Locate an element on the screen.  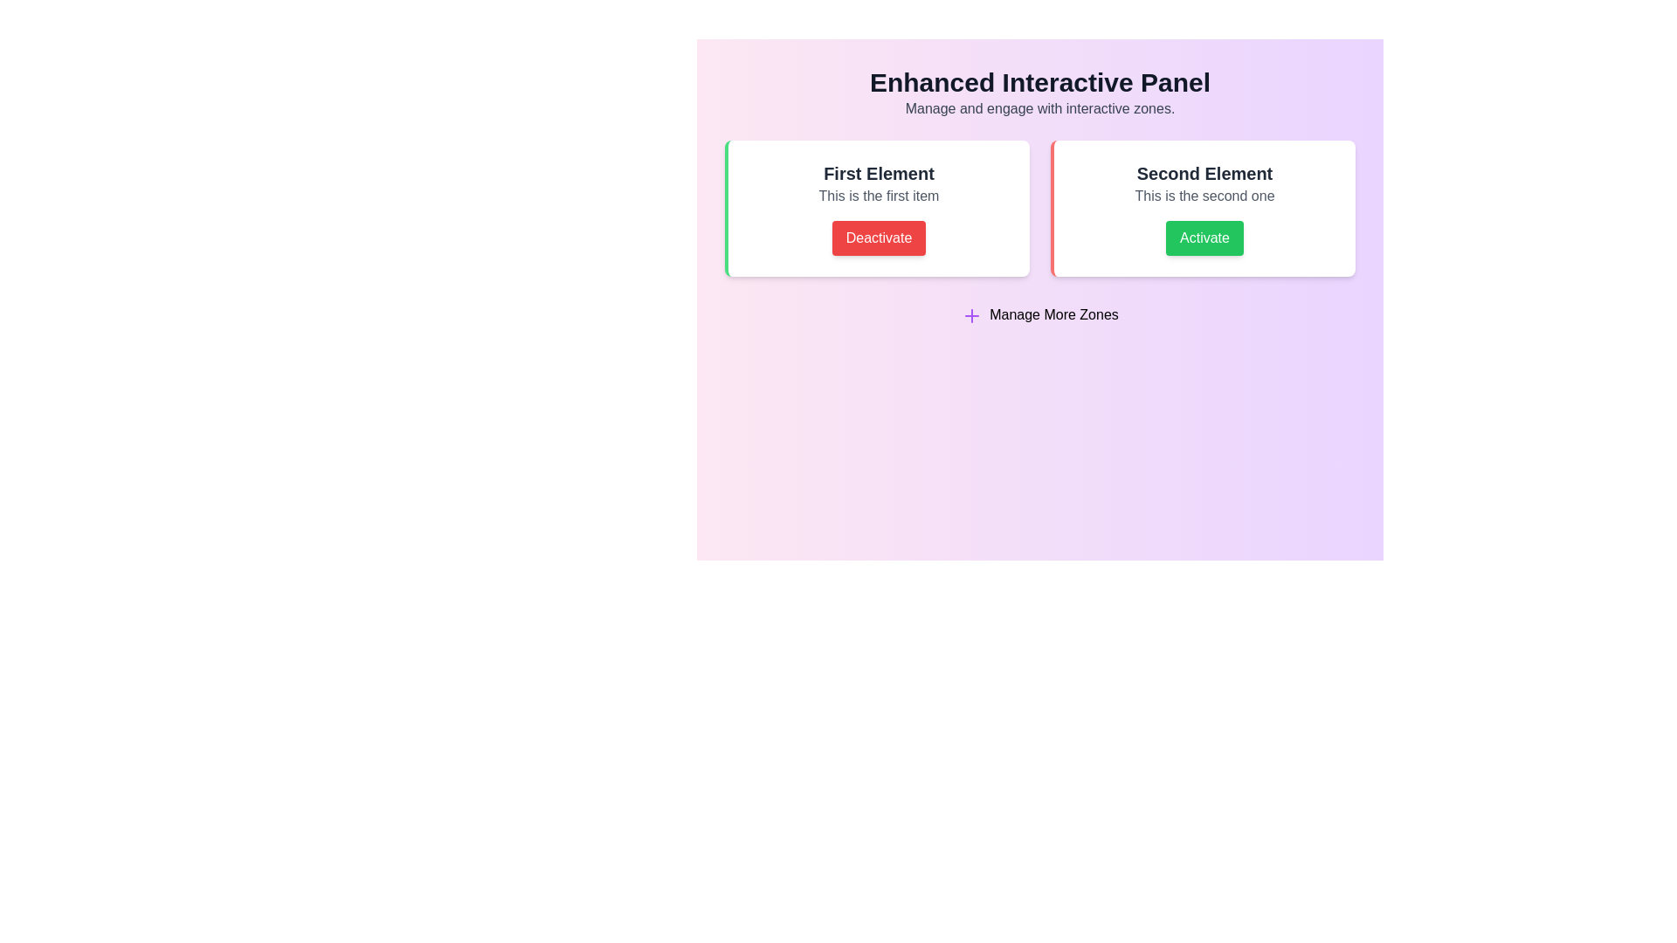
the static descriptive text that provides supplementary information about managing and interacting with zones, positioned directly below the 'Enhanced Interactive Panel' heading is located at coordinates (1039, 108).